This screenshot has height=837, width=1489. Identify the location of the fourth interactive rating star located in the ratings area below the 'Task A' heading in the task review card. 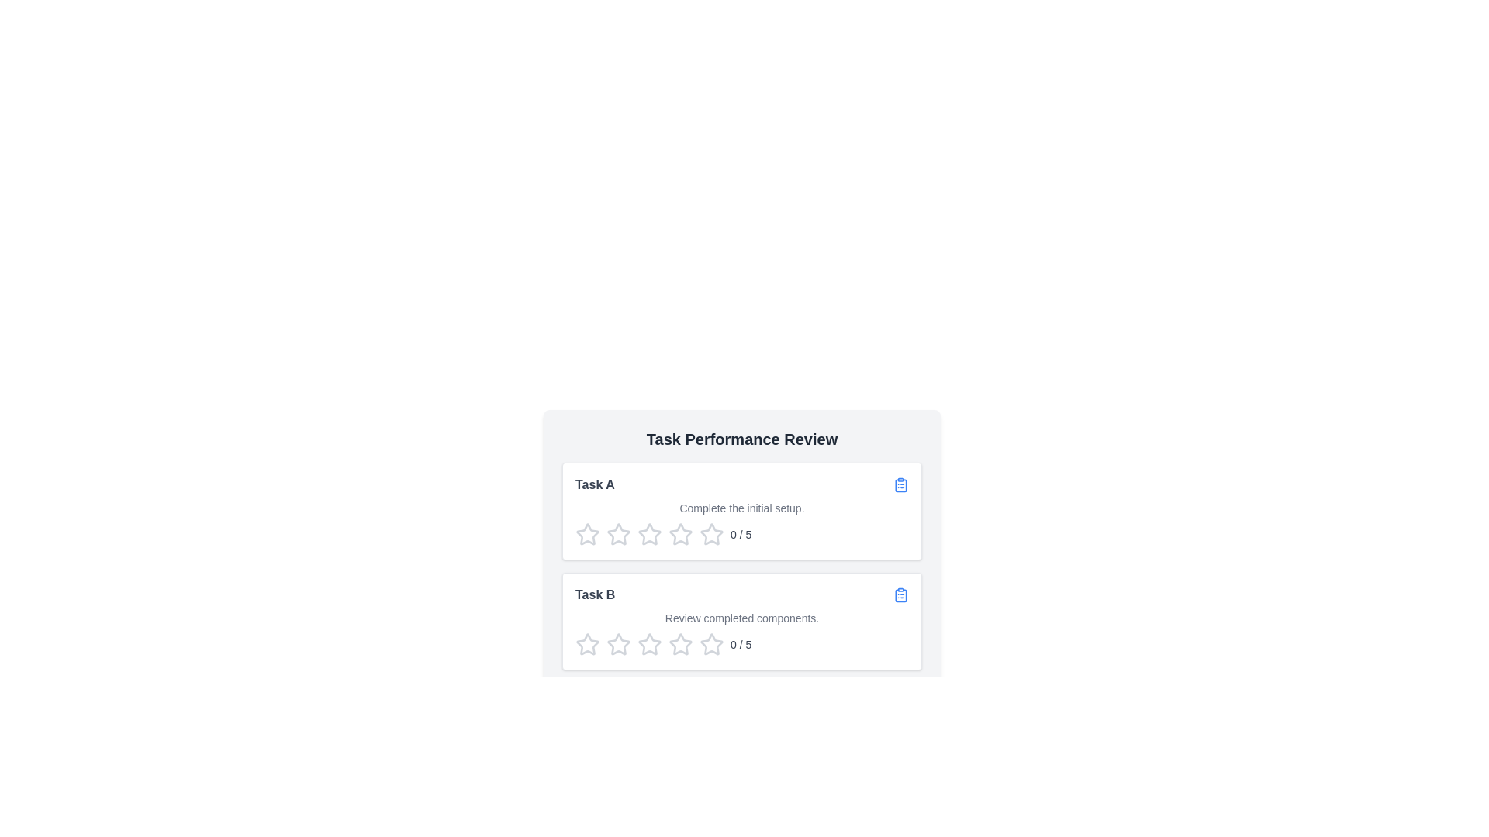
(710, 533).